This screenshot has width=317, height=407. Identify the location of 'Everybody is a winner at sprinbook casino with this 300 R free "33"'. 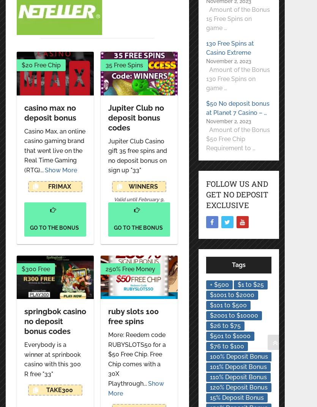
(52, 358).